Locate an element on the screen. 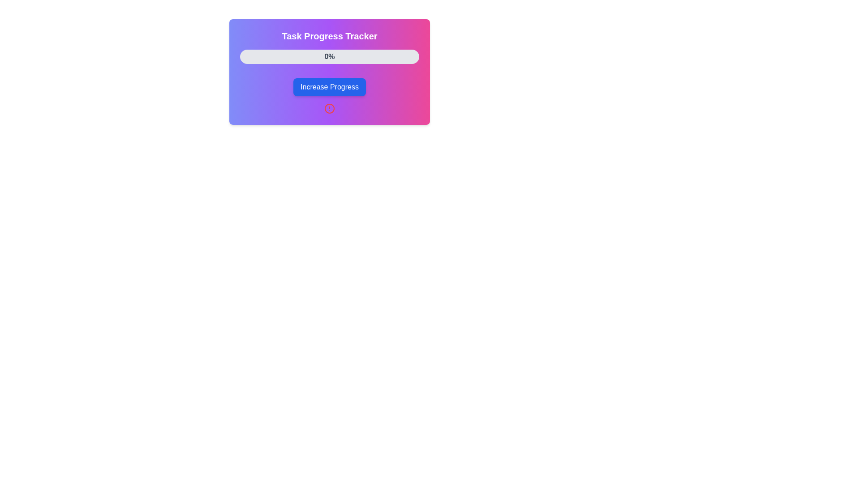 Image resolution: width=860 pixels, height=483 pixels. the progress bar located beneath the 'Task Progress Tracker' heading and above the 'Increase Progress' button is located at coordinates (329, 57).